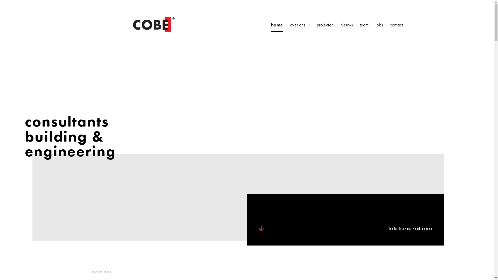  What do you see at coordinates (379, 25) in the screenshot?
I see `'jobs'` at bounding box center [379, 25].